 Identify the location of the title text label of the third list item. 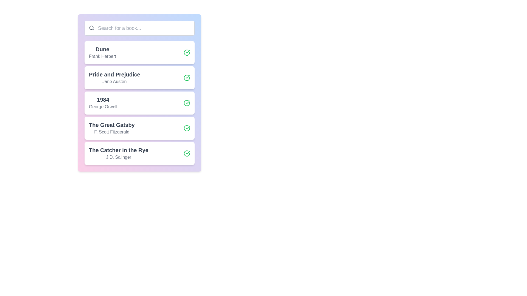
(103, 99).